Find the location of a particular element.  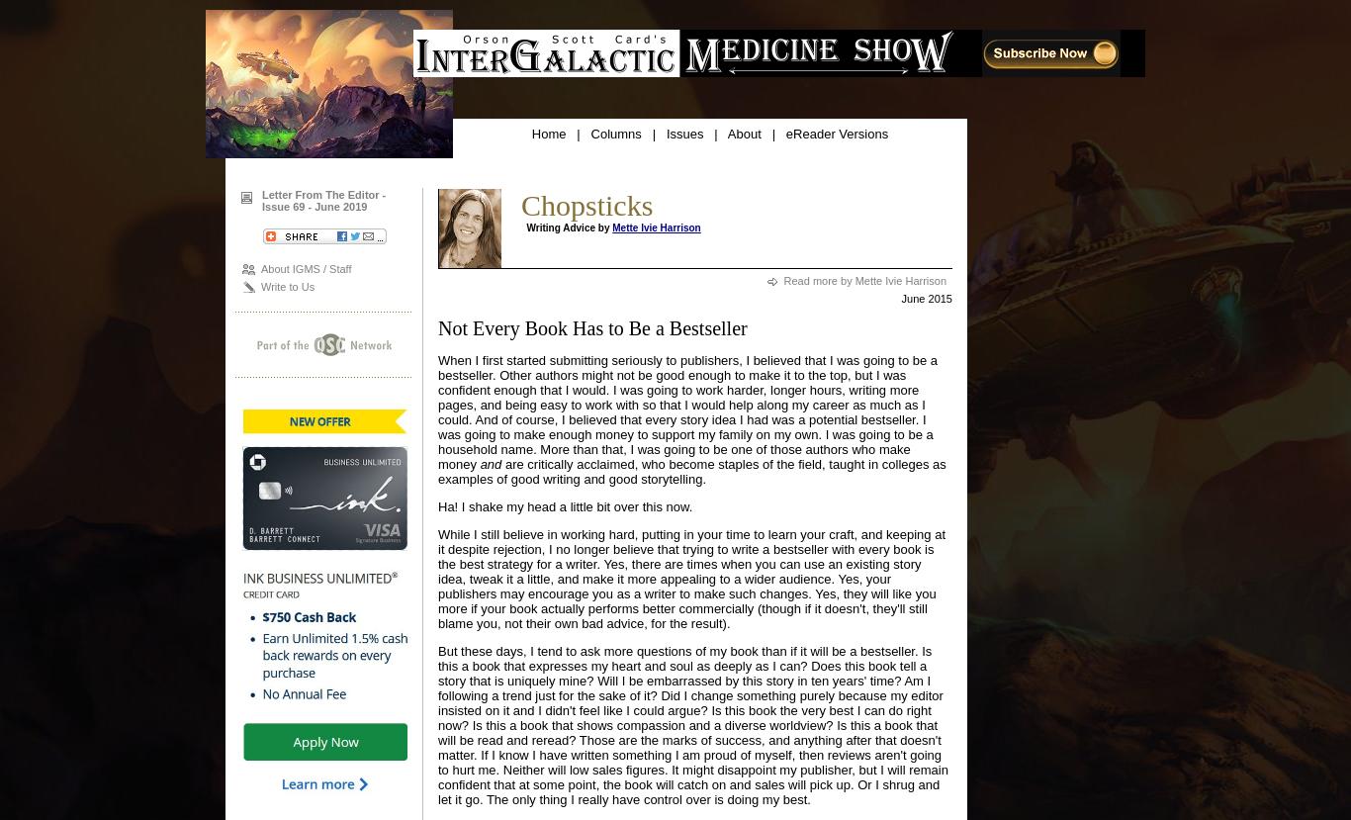

'June 2015' is located at coordinates (926, 299).